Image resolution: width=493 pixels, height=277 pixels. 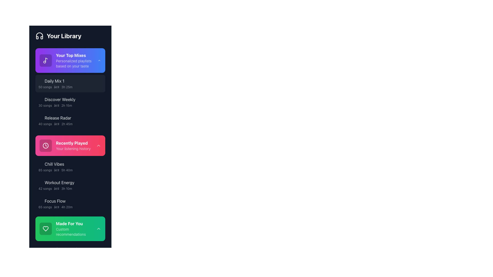 What do you see at coordinates (70, 203) in the screenshot?
I see `the third playlist entry which displays the title and details of the playlist, including the number of songs and total duration` at bounding box center [70, 203].